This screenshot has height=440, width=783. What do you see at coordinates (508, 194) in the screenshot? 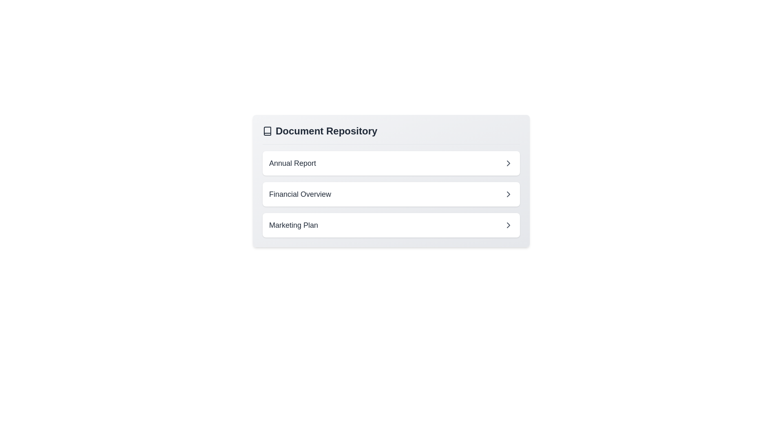
I see `the rightward-pointing chevron icon, which is located at the far right of the 'Financial Overview' list item` at bounding box center [508, 194].